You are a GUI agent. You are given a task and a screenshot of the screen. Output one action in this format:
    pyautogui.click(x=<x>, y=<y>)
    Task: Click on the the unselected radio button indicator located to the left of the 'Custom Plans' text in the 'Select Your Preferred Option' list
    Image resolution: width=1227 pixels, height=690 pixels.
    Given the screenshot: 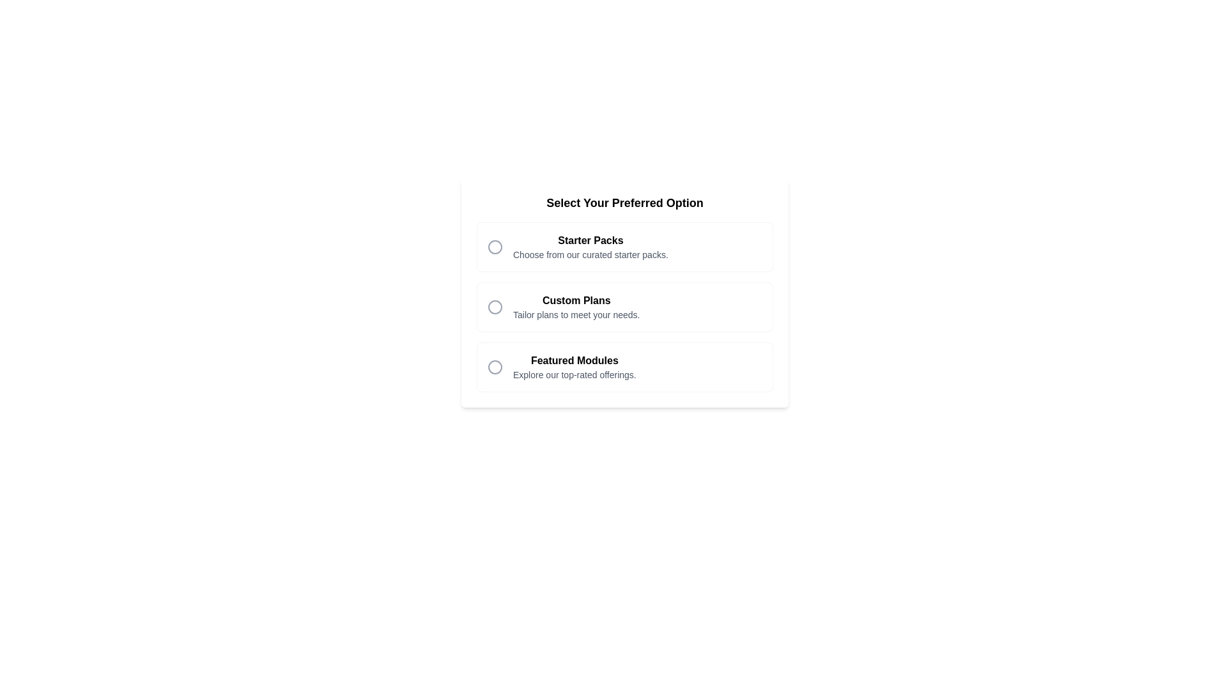 What is the action you would take?
    pyautogui.click(x=494, y=307)
    